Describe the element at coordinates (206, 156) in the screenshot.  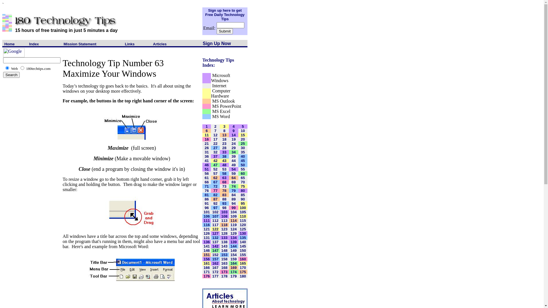
I see `'36'` at that location.